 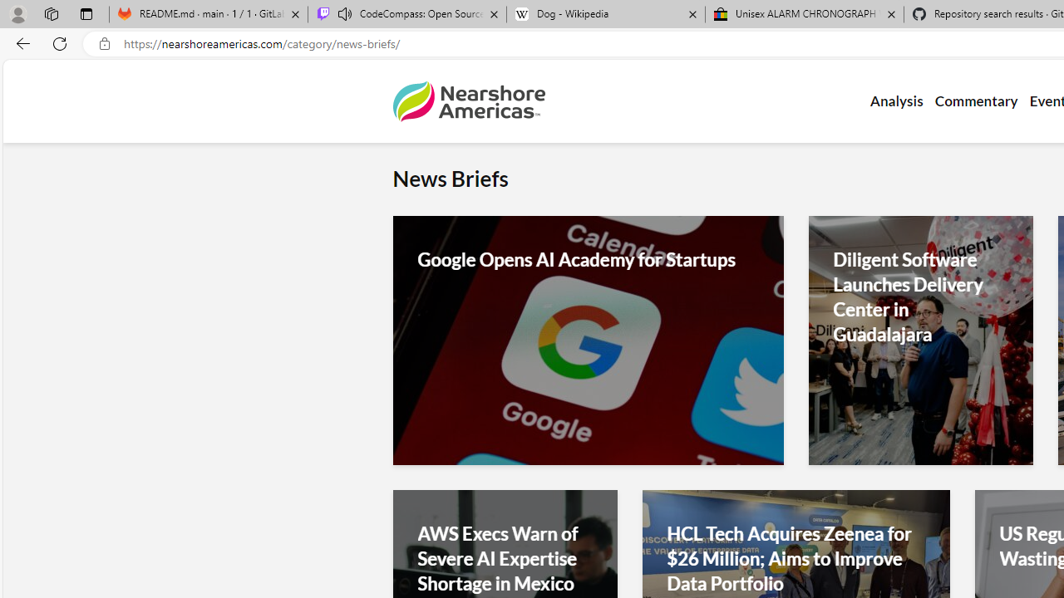 I want to click on 'Mute tab', so click(x=343, y=13).